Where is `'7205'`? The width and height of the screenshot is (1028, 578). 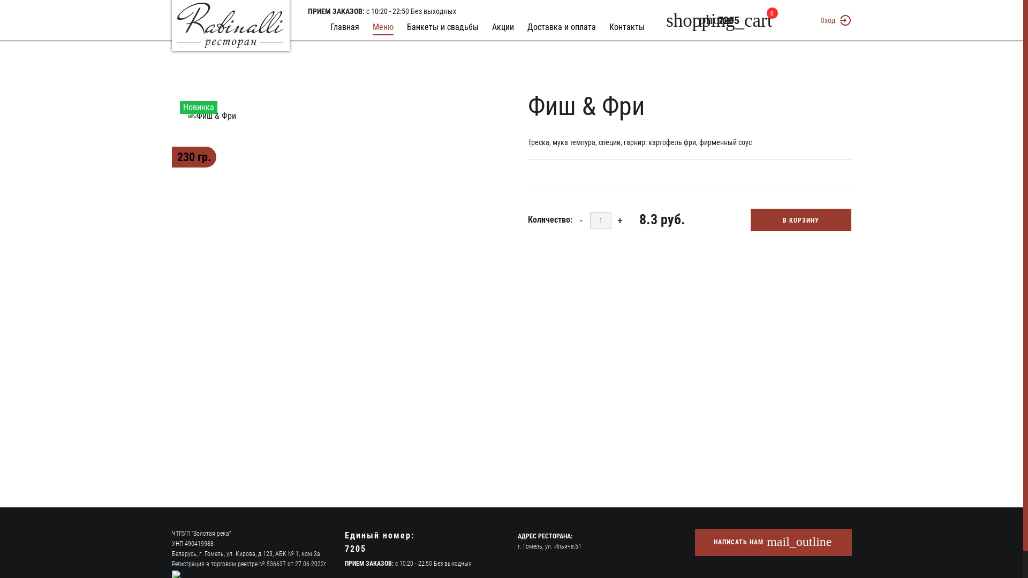 '7205' is located at coordinates (355, 549).